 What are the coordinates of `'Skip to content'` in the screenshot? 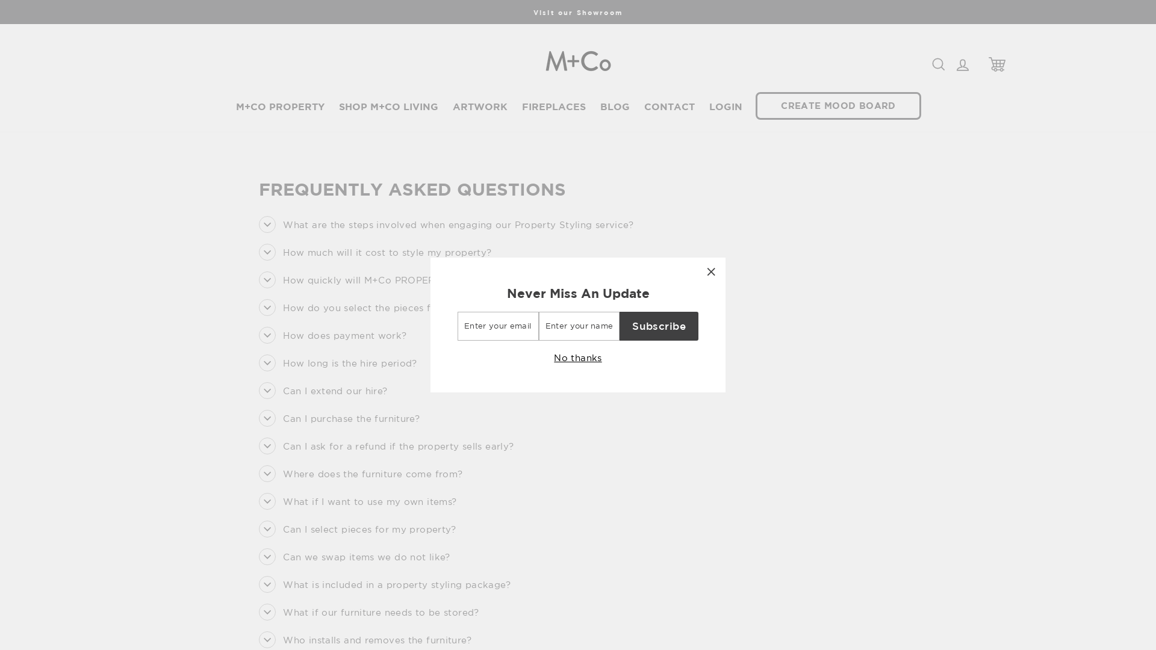 It's located at (0, 0).